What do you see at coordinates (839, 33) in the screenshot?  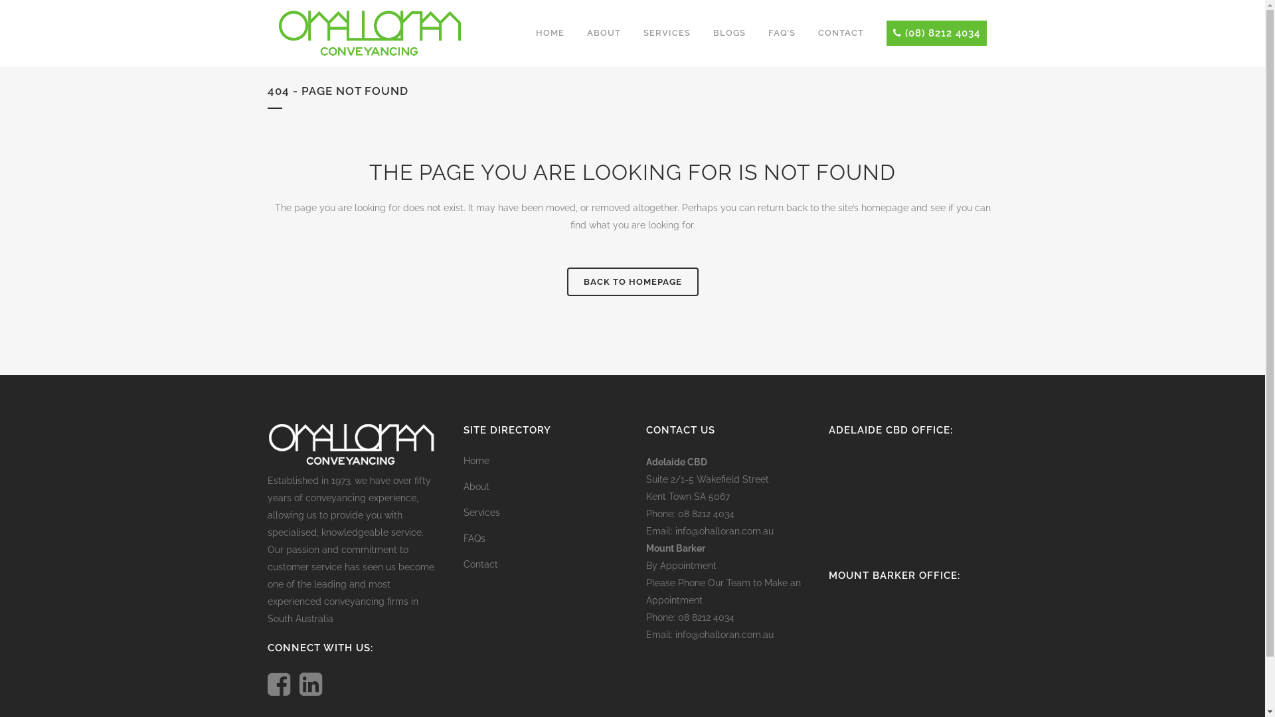 I see `'CONTACT'` at bounding box center [839, 33].